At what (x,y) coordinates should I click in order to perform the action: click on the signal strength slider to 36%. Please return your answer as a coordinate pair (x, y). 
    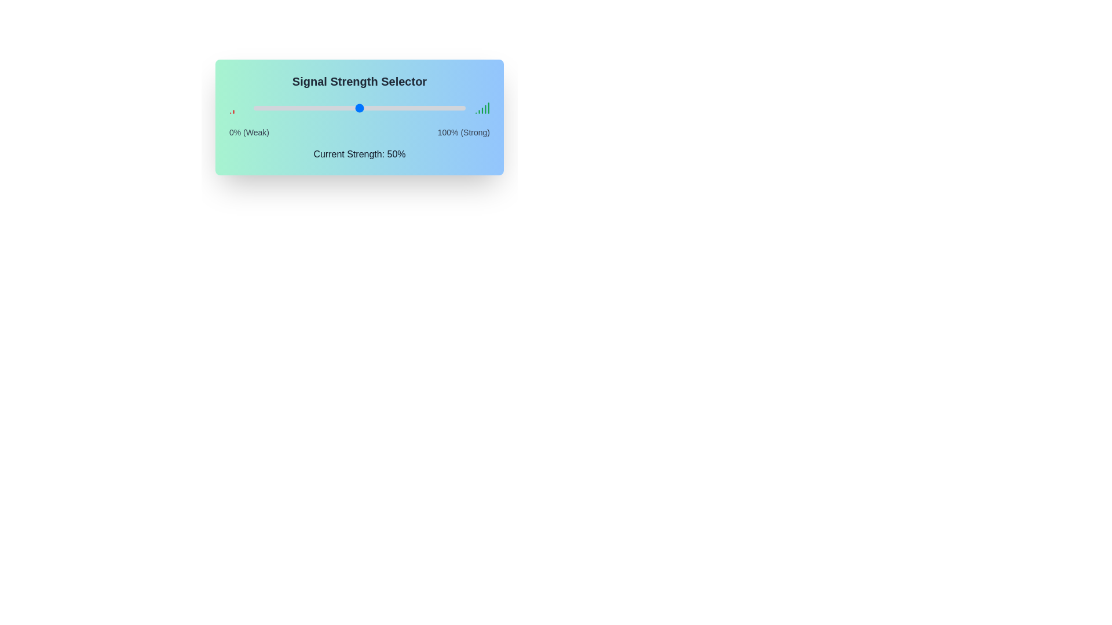
    Looking at the image, I should click on (329, 108).